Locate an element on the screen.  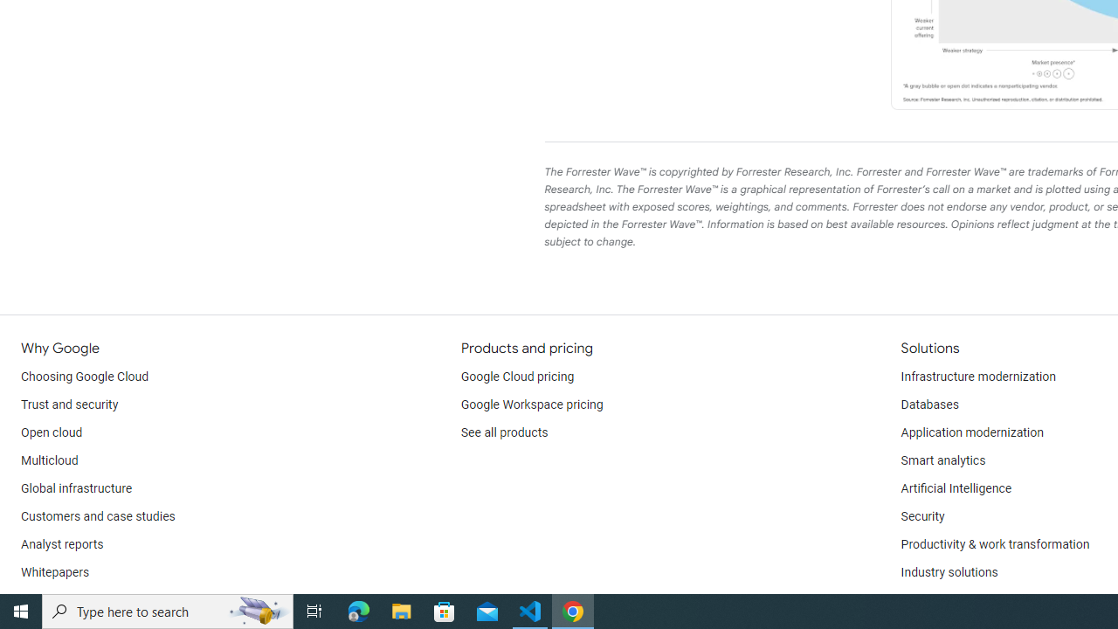
'Smart analytics' is located at coordinates (942, 460).